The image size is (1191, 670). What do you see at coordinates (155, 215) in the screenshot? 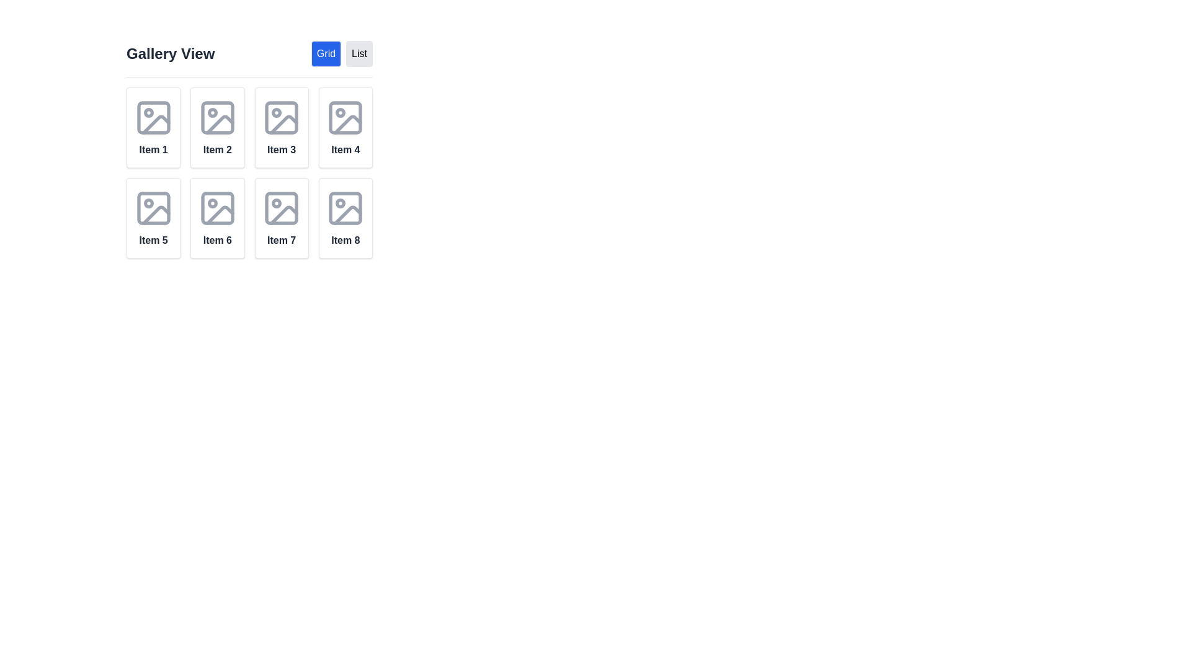
I see `the slope icon with a pivot point located within the 'Item 5' card in the gallery grid` at bounding box center [155, 215].